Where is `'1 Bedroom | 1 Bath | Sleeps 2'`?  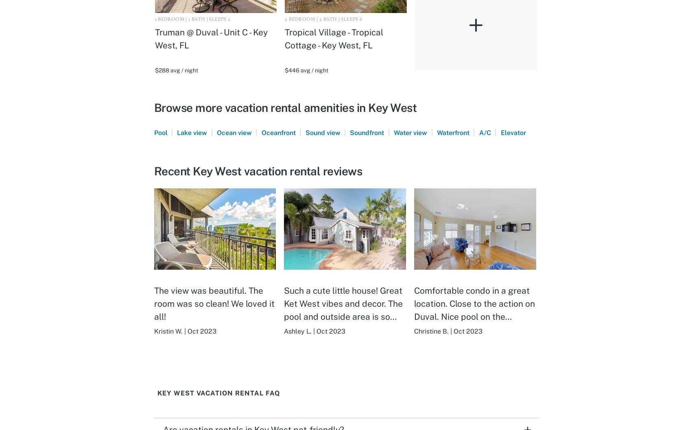
'1 Bedroom | 1 Bath | Sleeps 2' is located at coordinates (154, 19).